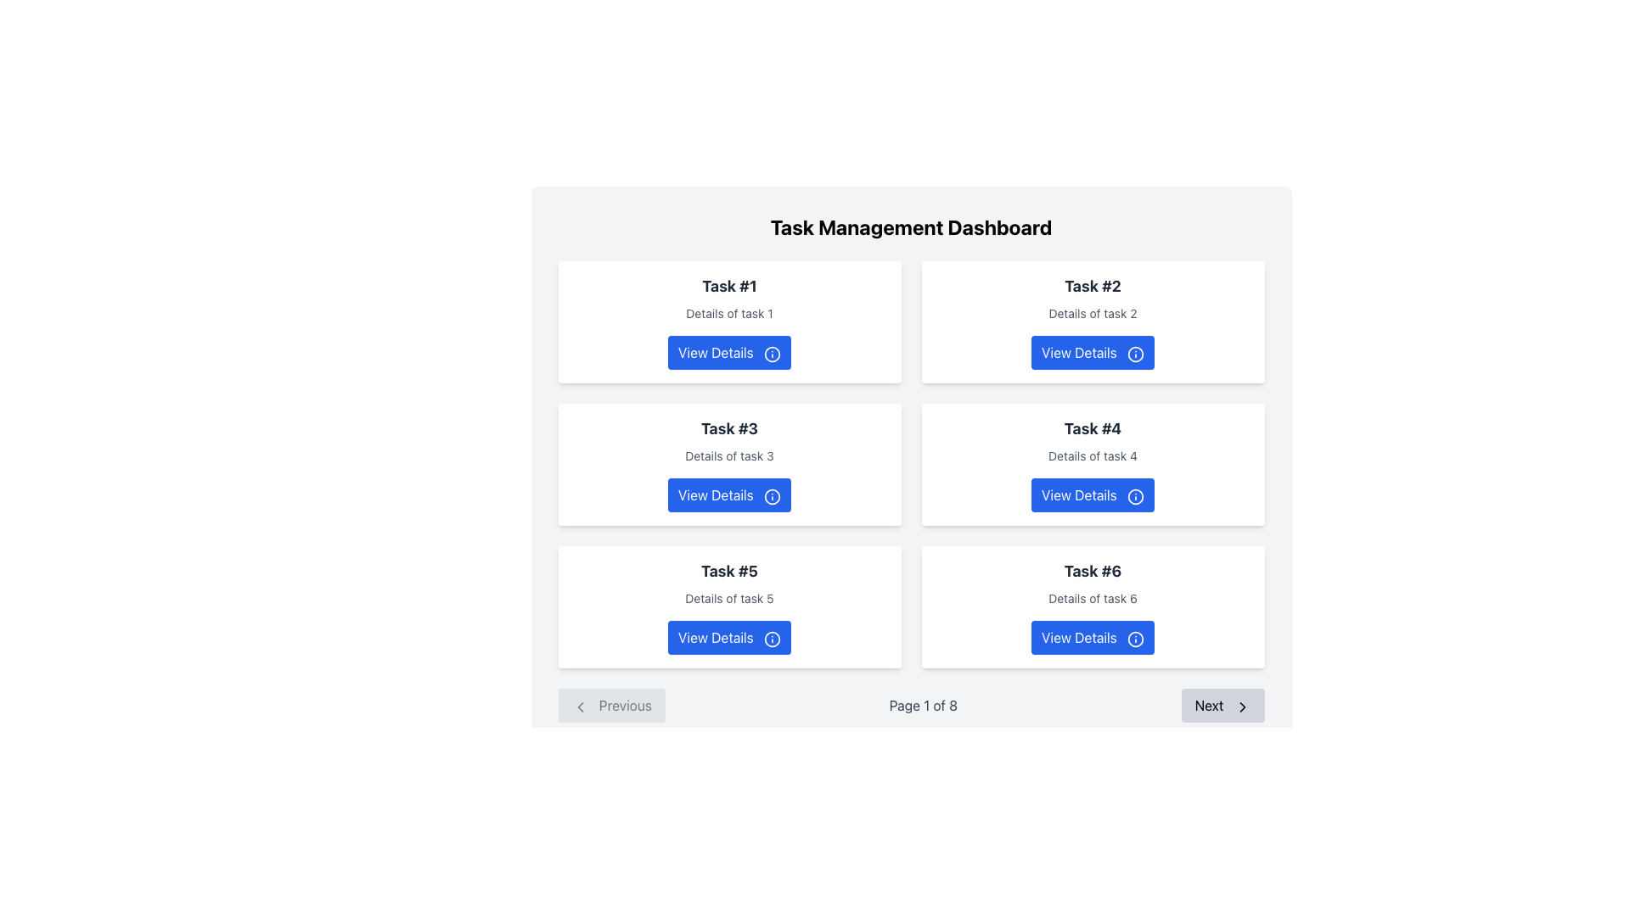  I want to click on the 'Previous' button which contains the left-pointing arrow icon, so click(580, 707).